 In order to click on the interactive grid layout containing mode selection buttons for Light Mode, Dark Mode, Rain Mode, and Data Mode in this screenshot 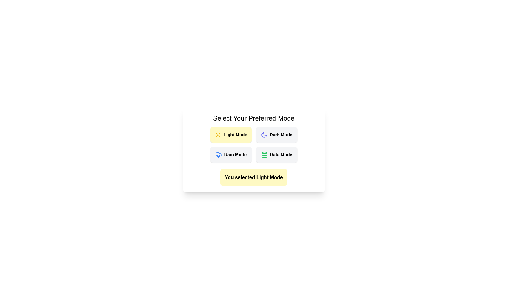, I will do `click(253, 144)`.